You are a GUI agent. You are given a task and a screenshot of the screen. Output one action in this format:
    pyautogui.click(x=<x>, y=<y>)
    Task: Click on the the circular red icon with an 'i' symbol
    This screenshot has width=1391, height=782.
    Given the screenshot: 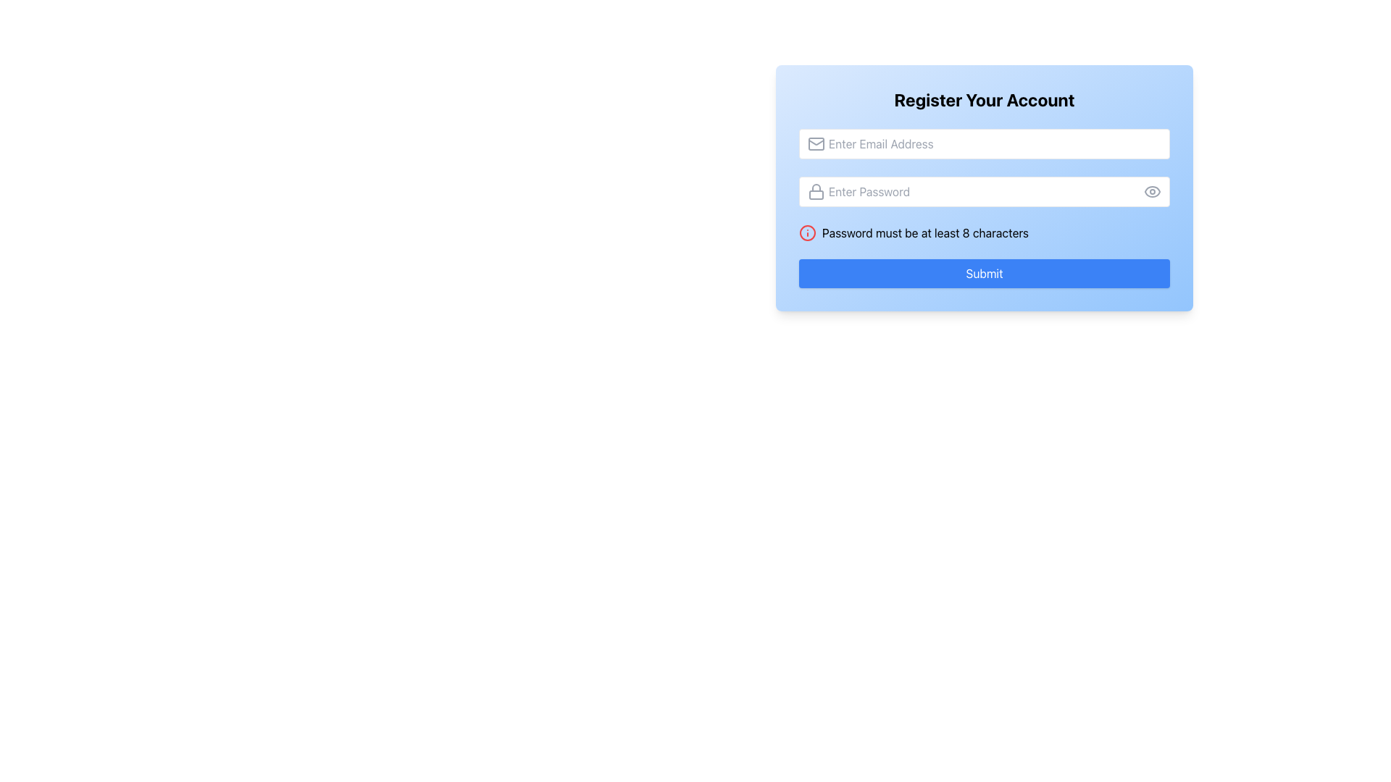 What is the action you would take?
    pyautogui.click(x=806, y=232)
    